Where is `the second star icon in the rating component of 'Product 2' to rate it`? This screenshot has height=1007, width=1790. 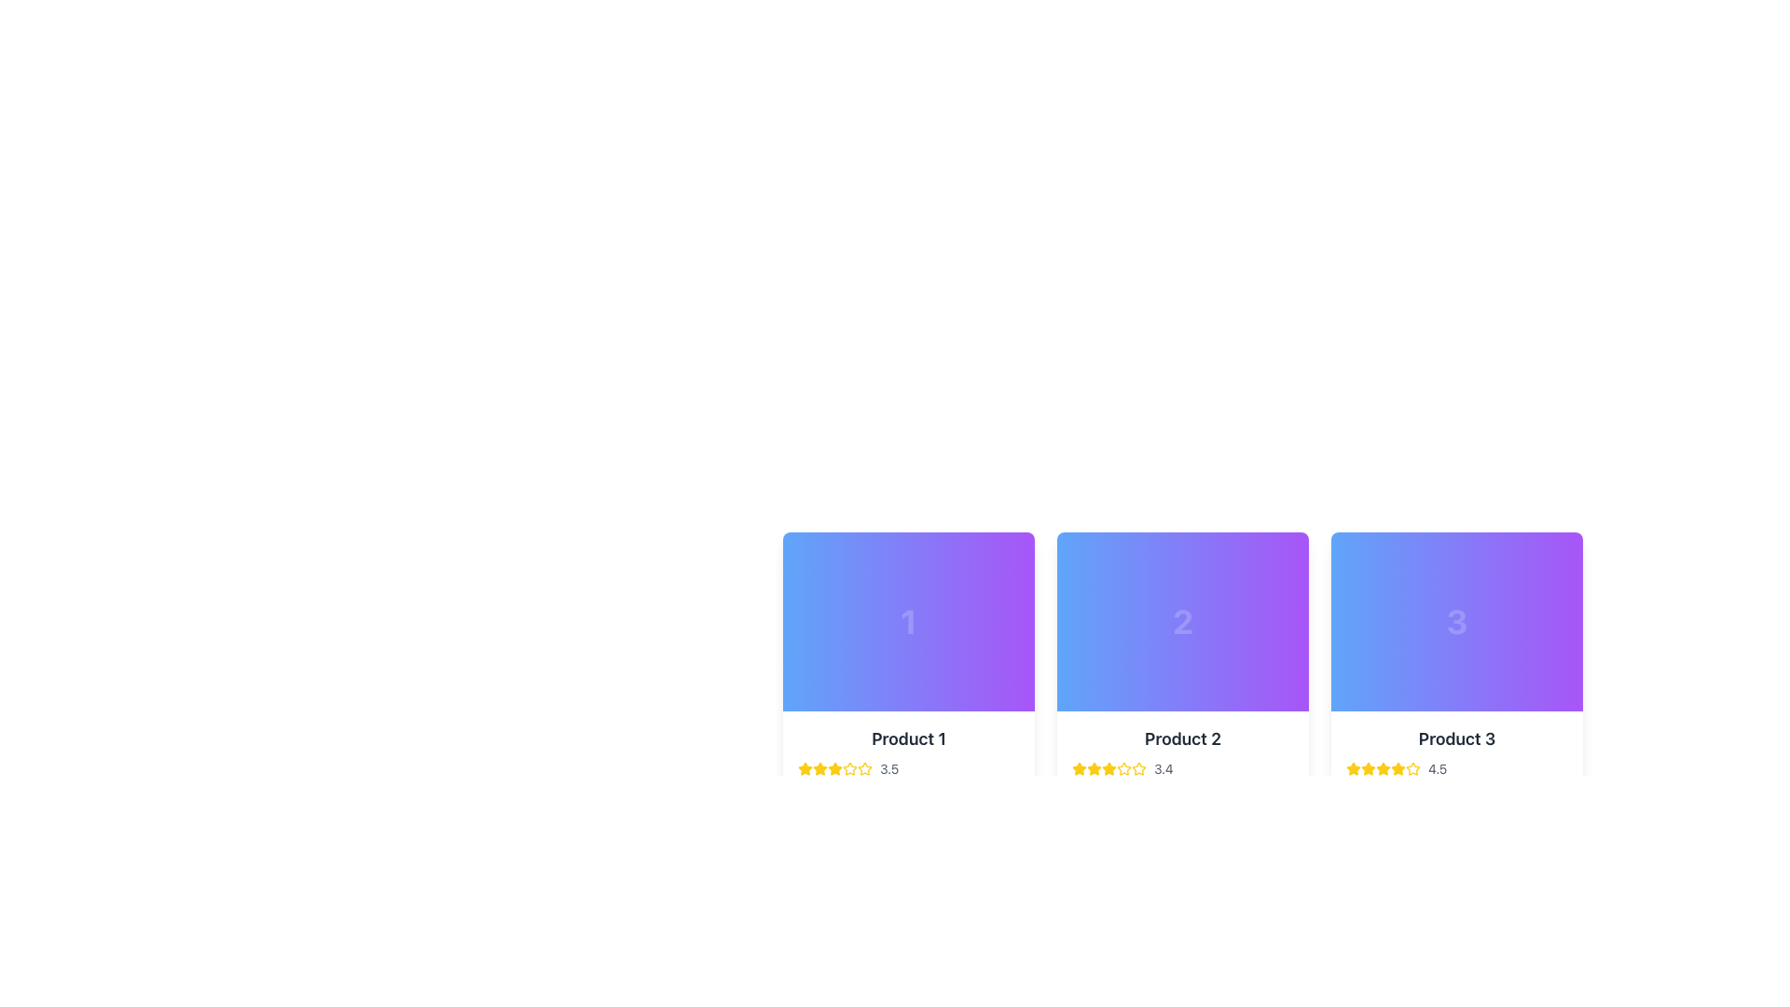
the second star icon in the rating component of 'Product 2' to rate it is located at coordinates (1108, 768).